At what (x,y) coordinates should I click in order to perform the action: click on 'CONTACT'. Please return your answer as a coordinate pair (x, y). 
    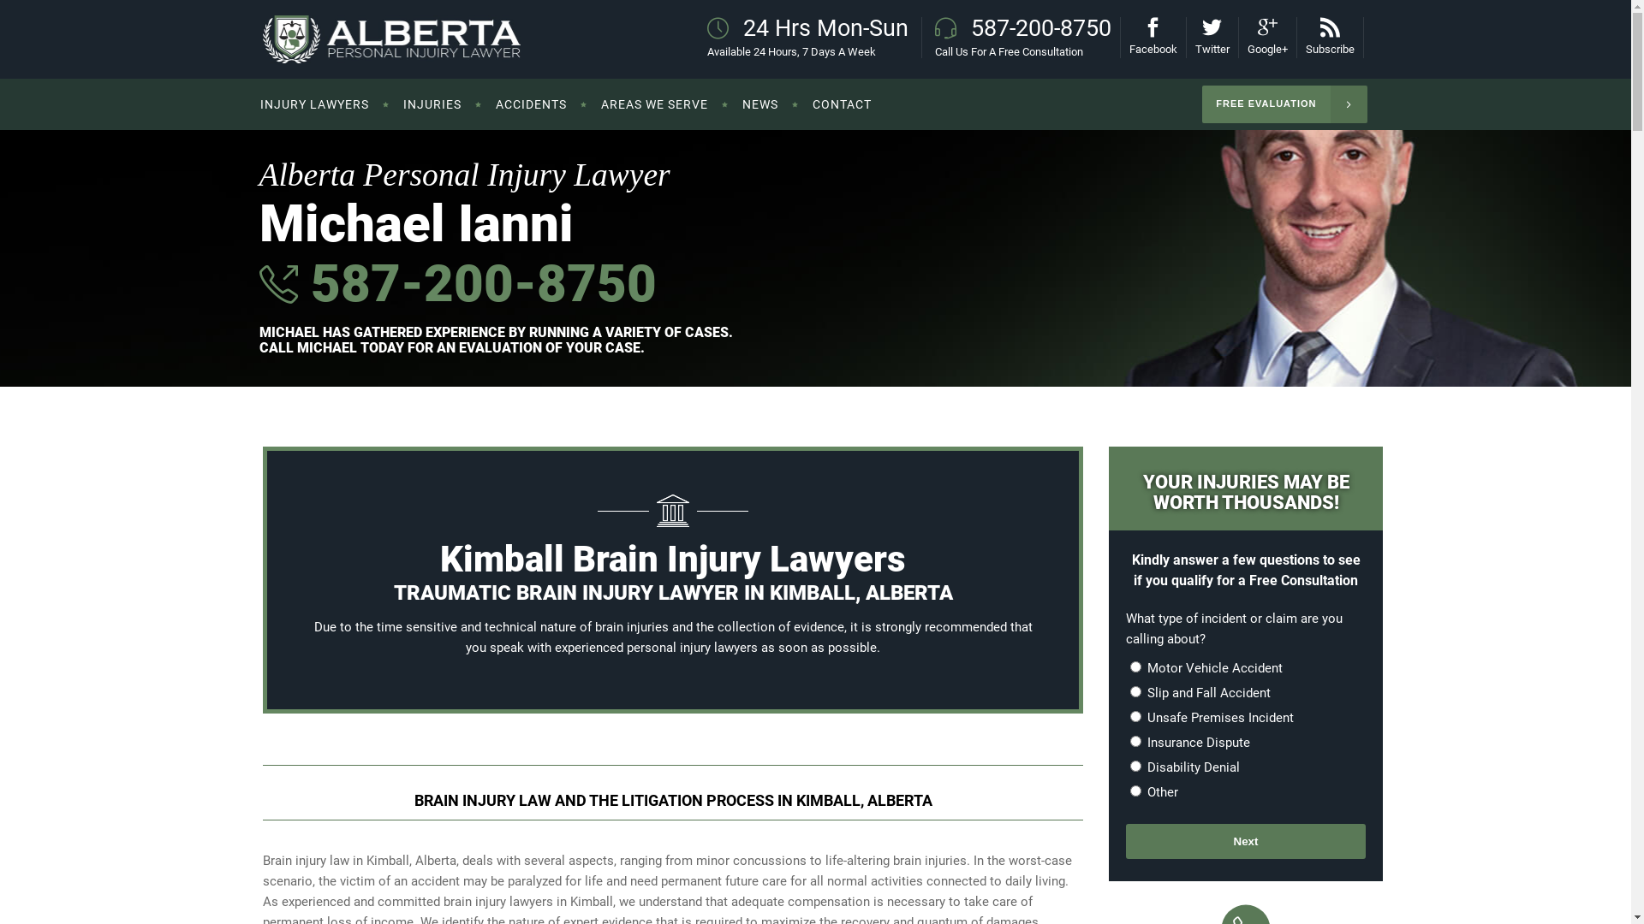
    Looking at the image, I should click on (841, 104).